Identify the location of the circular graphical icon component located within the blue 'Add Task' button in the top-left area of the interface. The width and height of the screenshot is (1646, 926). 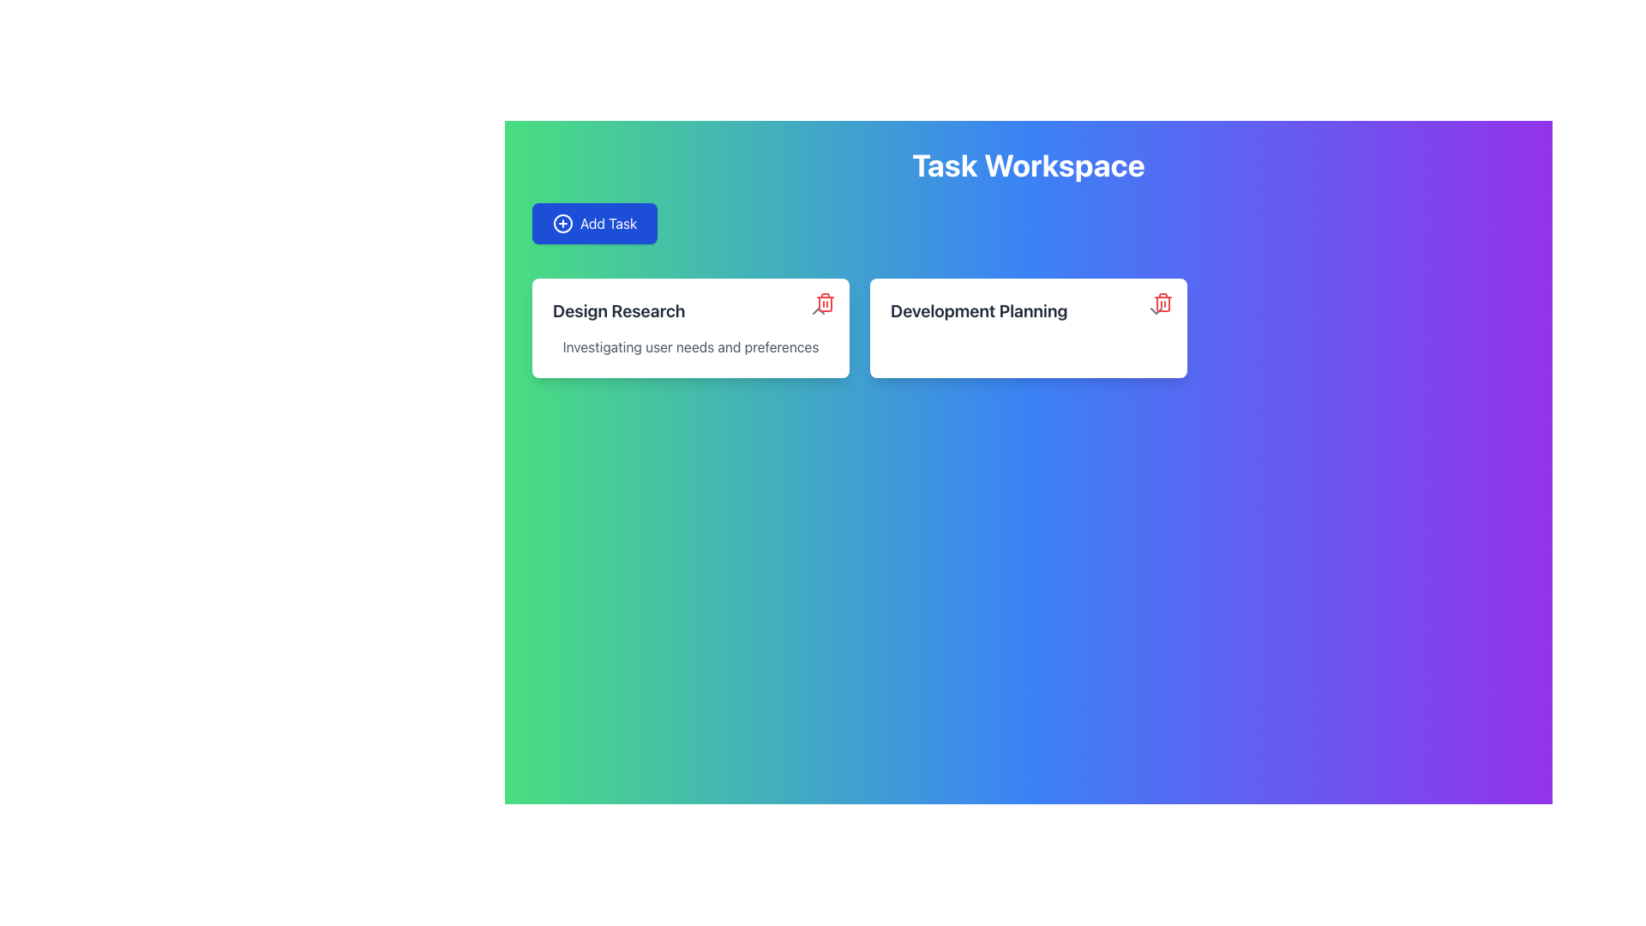
(563, 223).